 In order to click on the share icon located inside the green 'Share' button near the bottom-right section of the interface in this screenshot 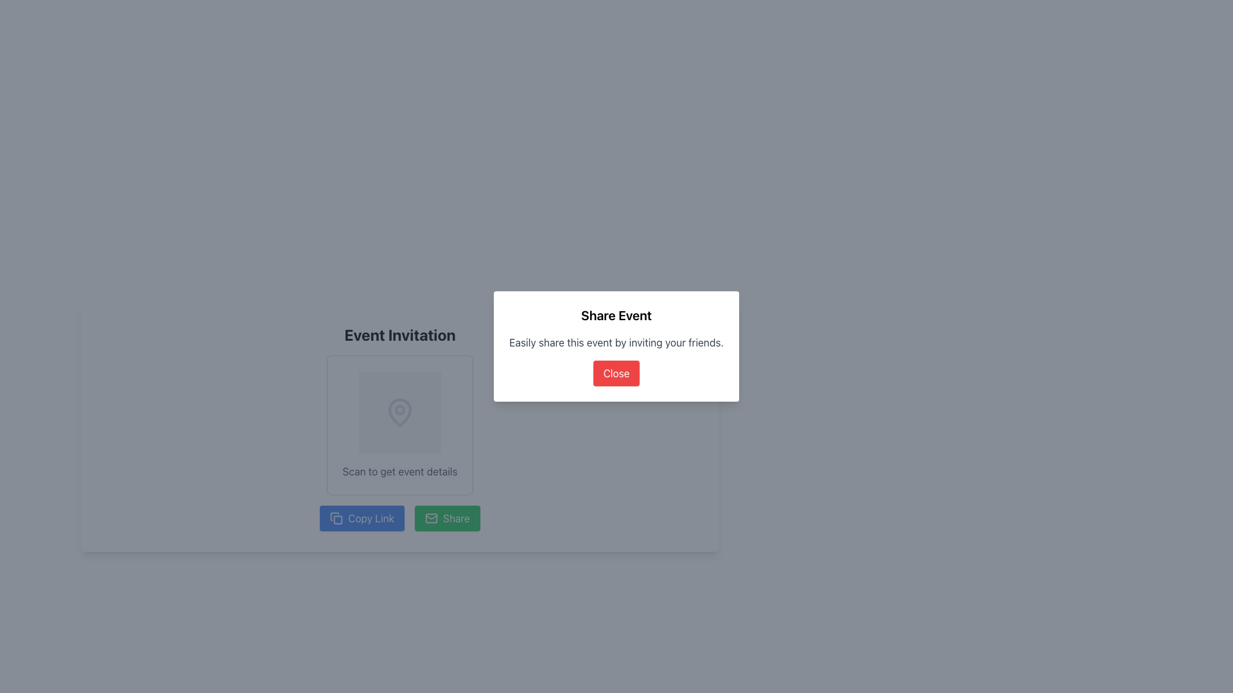, I will do `click(432, 517)`.